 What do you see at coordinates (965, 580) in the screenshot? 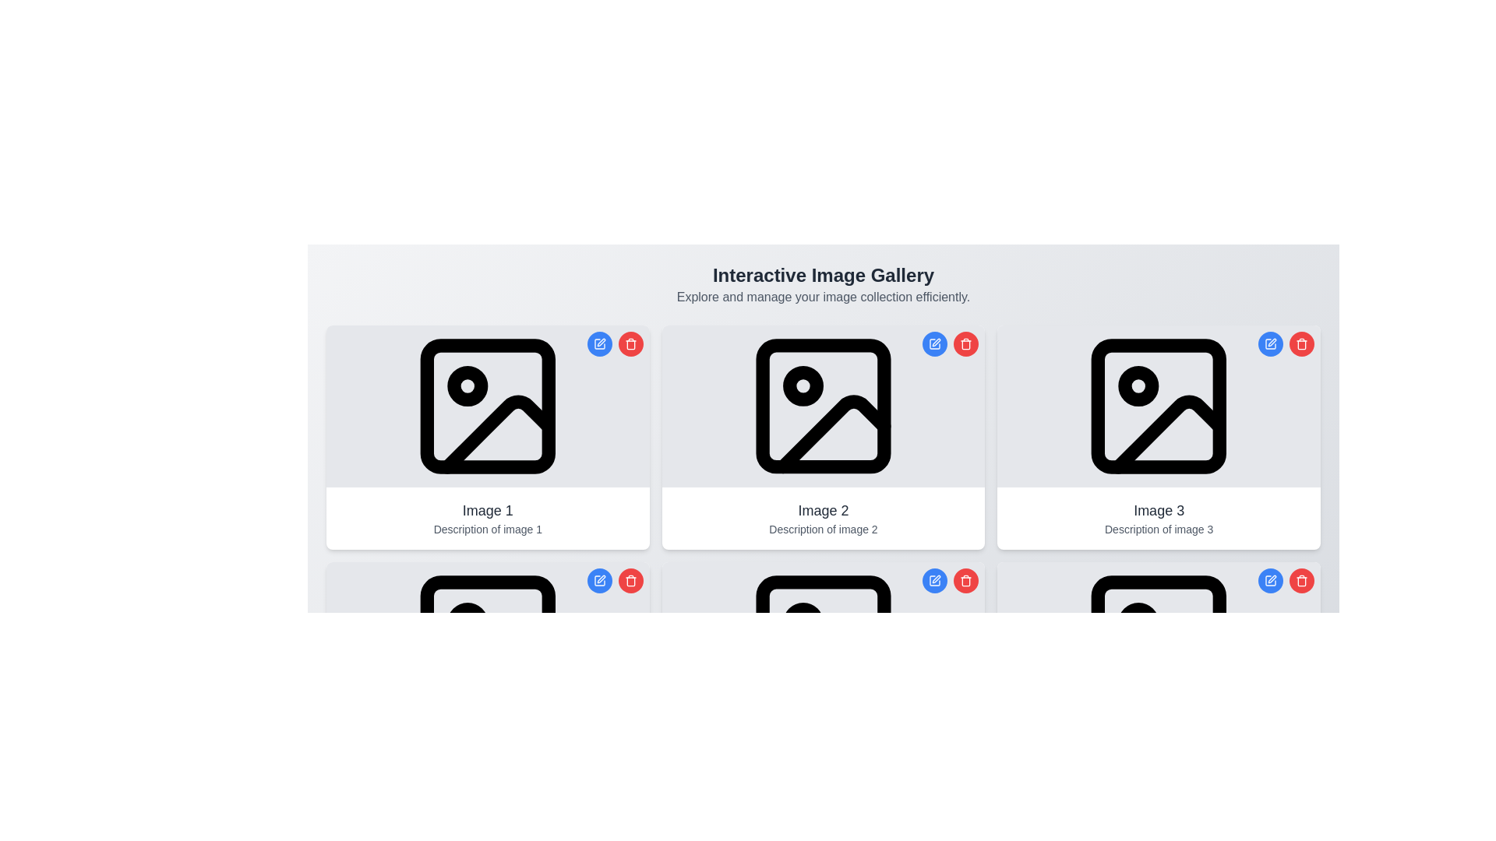
I see `the delete button located at the top-right corner of the card representing Image 3 to initiate the delete action` at bounding box center [965, 580].